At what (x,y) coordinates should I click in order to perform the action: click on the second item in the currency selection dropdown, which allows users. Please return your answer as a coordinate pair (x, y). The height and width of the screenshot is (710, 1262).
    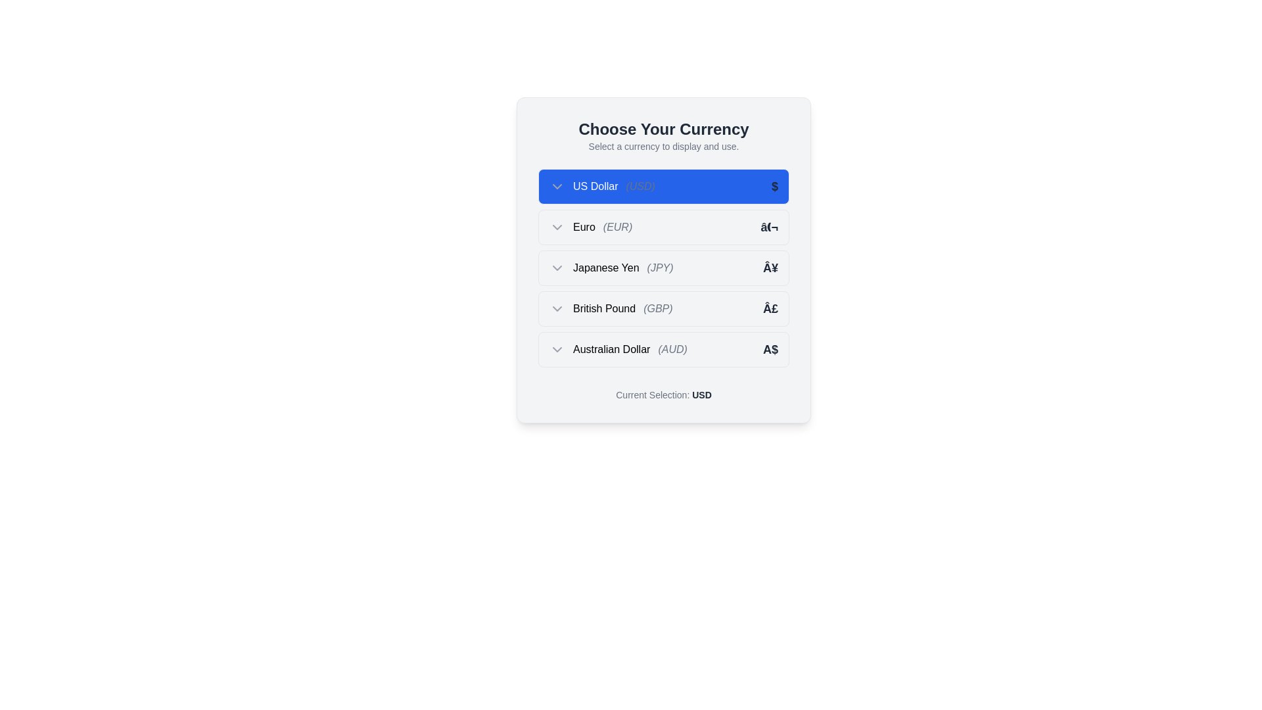
    Looking at the image, I should click on (663, 227).